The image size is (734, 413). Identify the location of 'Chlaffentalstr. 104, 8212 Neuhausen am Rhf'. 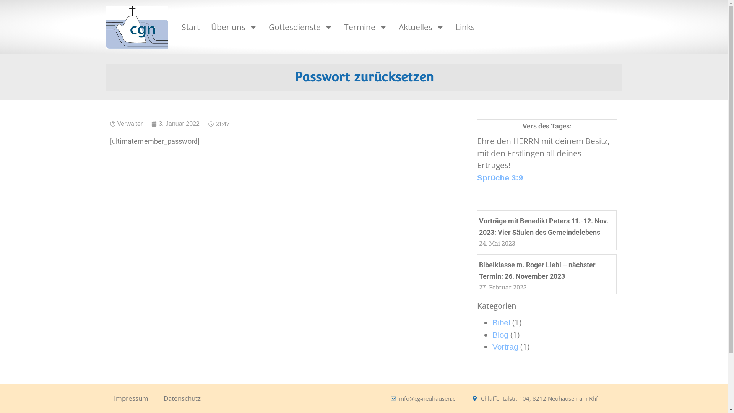
(471, 398).